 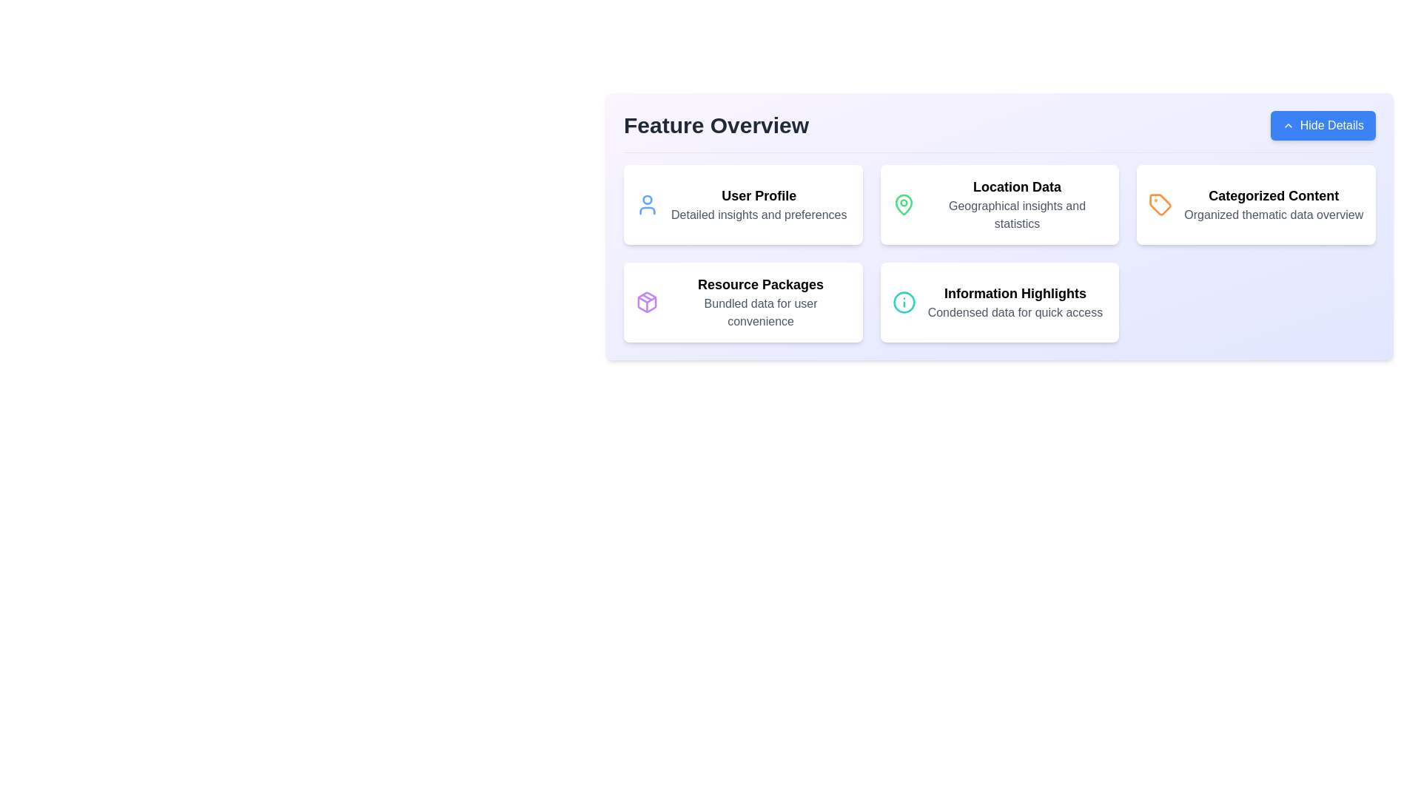 I want to click on descriptive text label located directly below the 'Categorized Content' heading in the bottom-right area of the interface, so click(x=1273, y=215).